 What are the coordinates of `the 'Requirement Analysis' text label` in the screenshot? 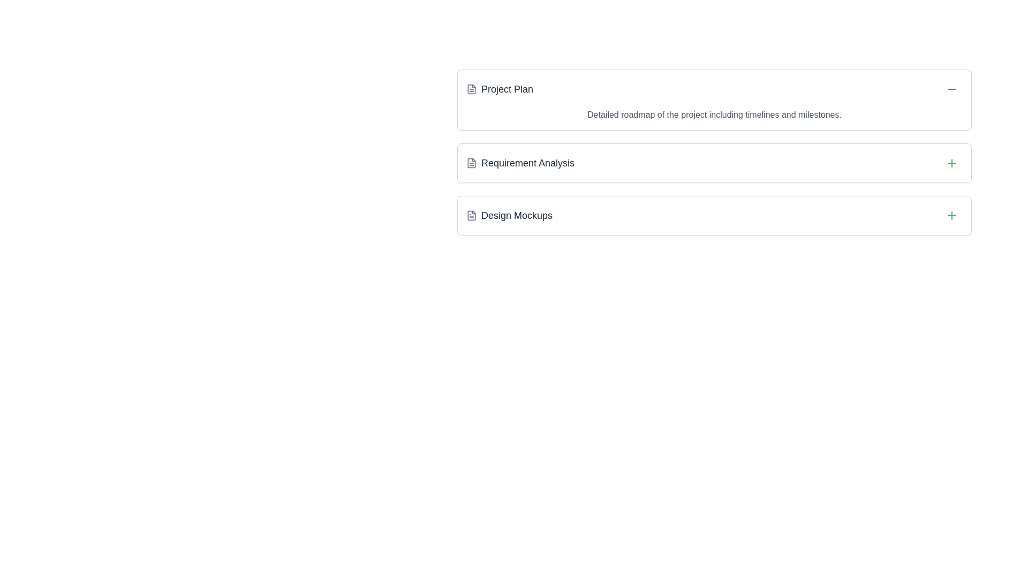 It's located at (528, 163).